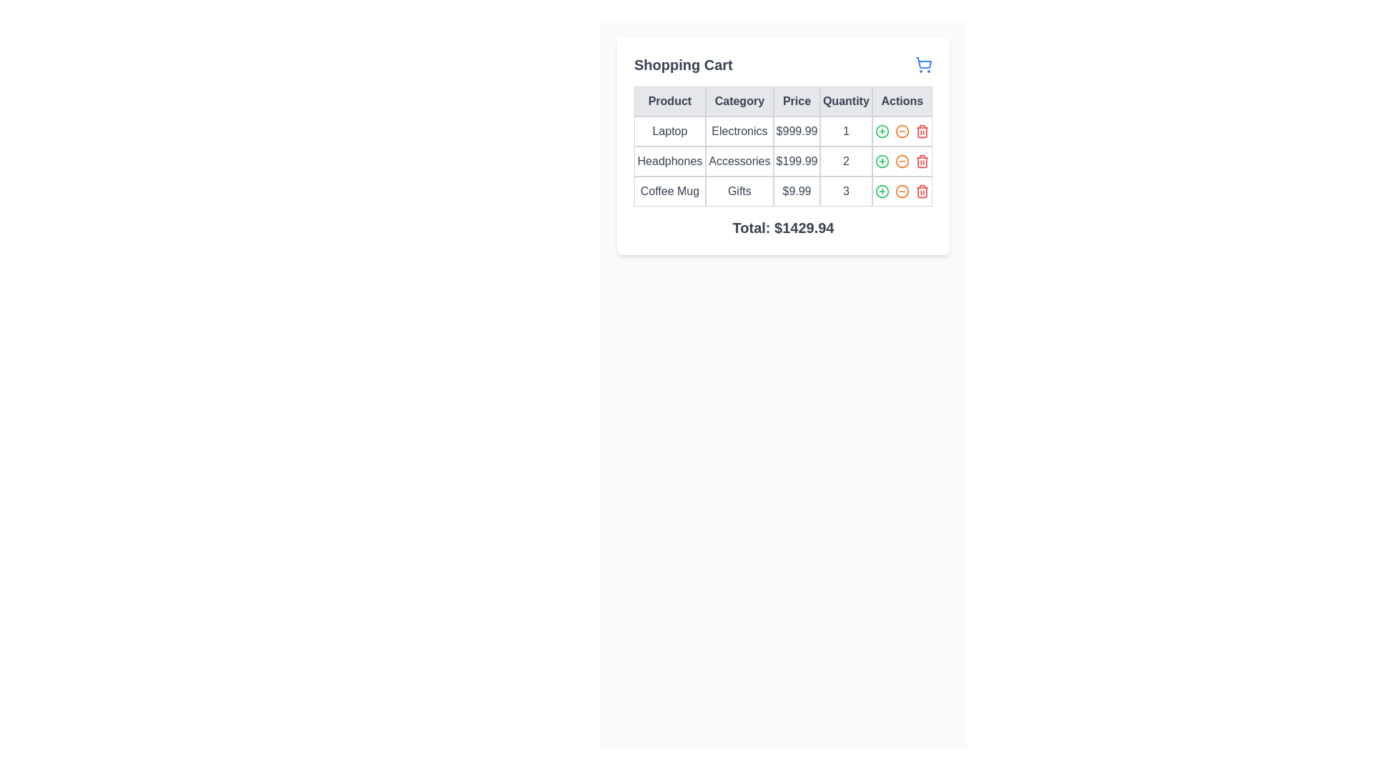 This screenshot has height=772, width=1373. I want to click on the price label displaying the price of the 'Coffee Mug' item in the shopping cart located in the 'Price' column of the last row, so click(796, 190).